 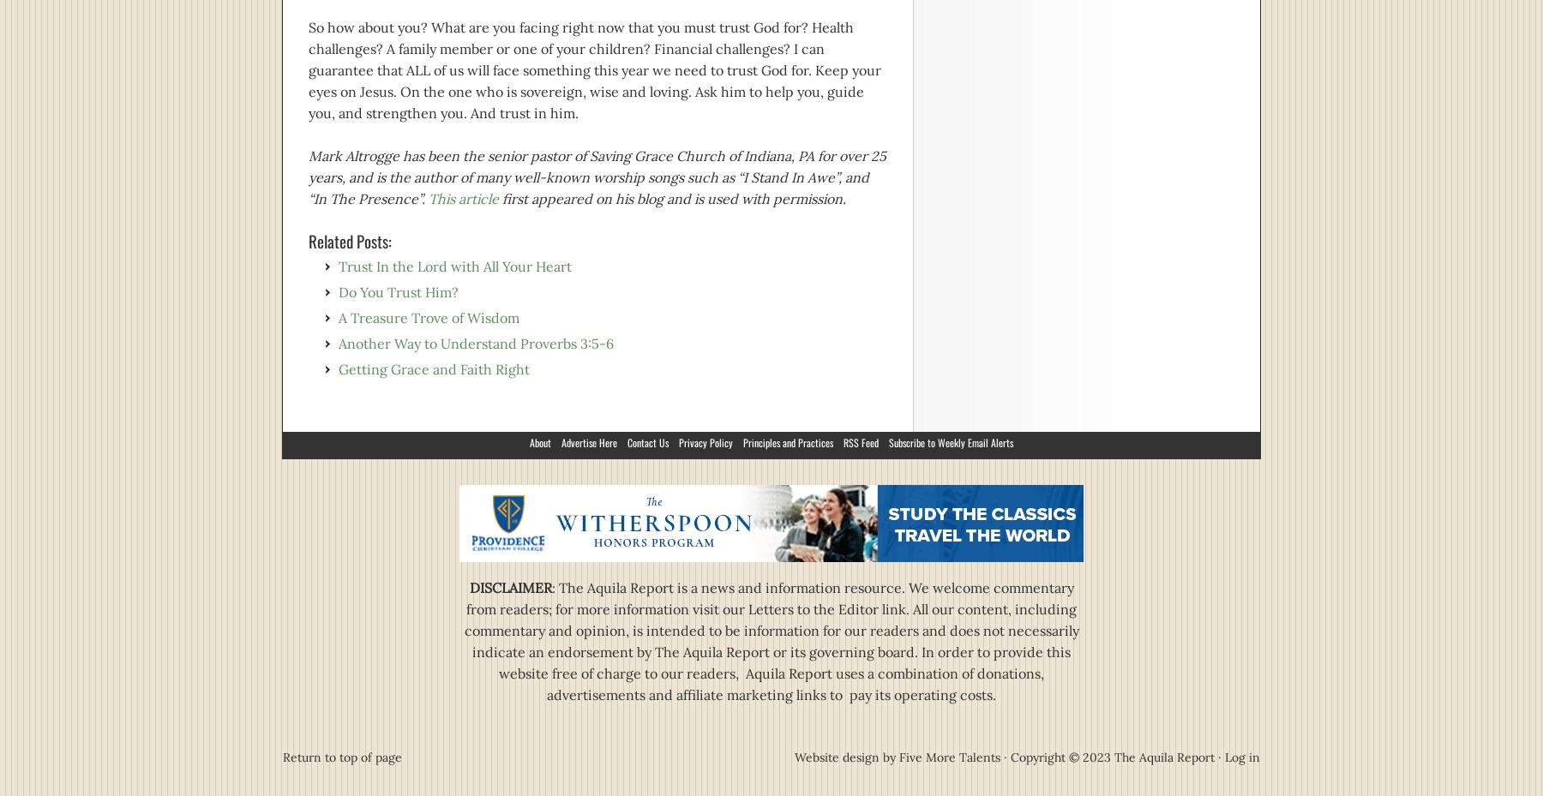 I want to click on 'Five More Talents', so click(x=899, y=757).